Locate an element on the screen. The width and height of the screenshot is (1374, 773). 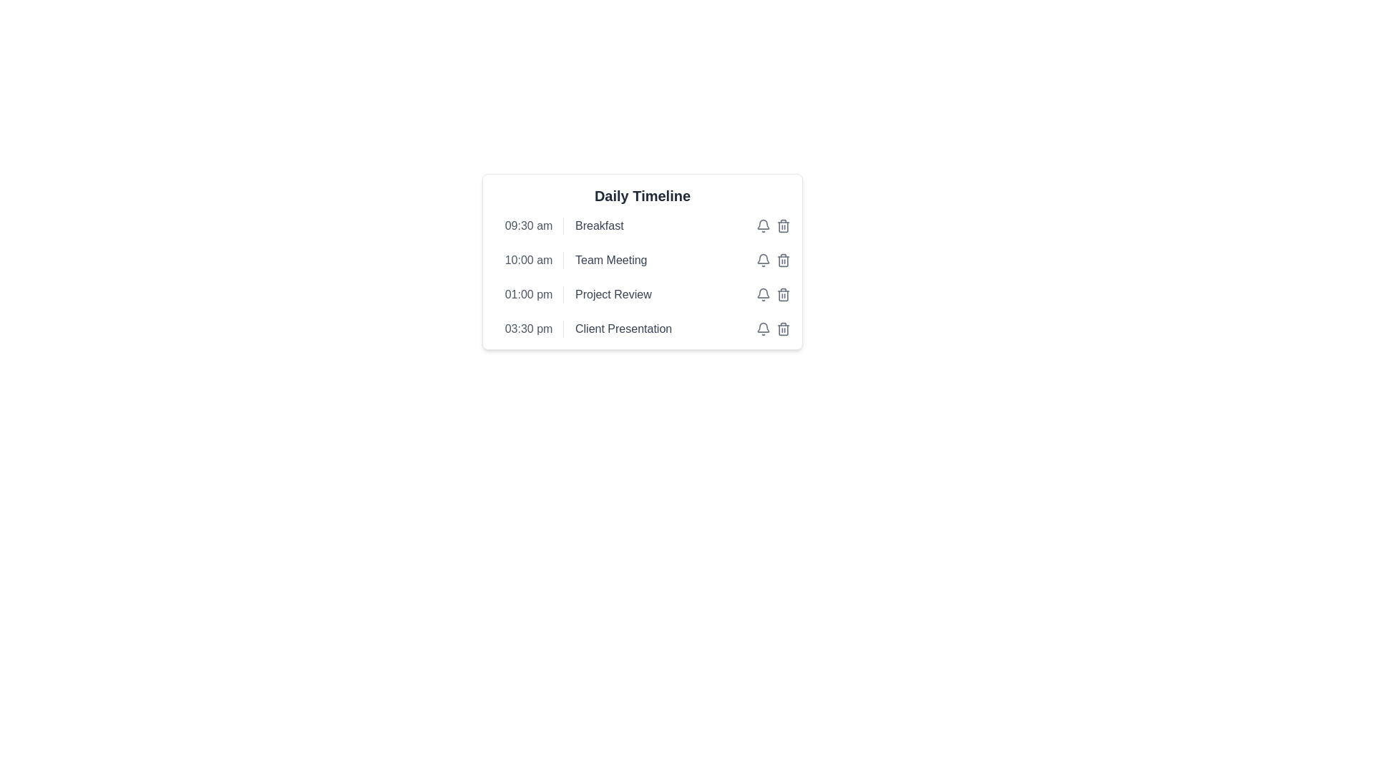
the trash bin icon, the second interactive icon in the row for the '09:30 am Breakfast' entry in the 'Daily Timeline' section is located at coordinates (782, 225).